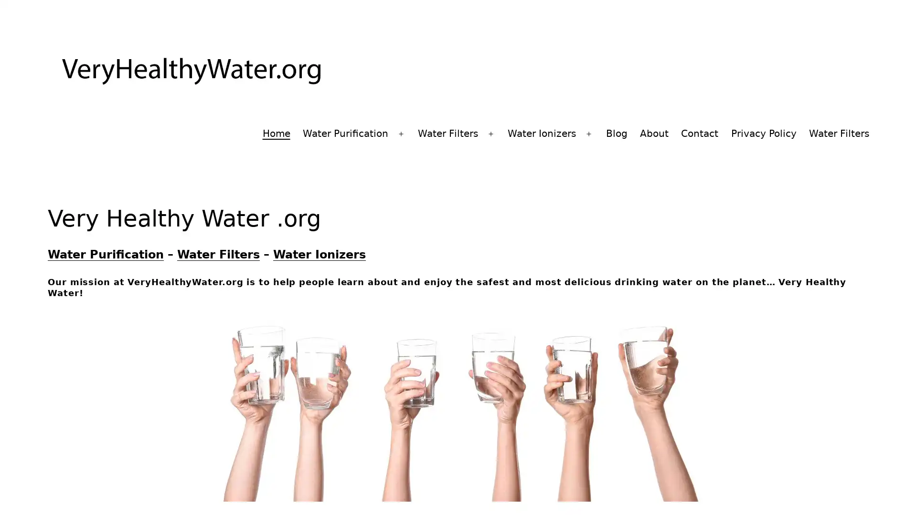 The width and height of the screenshot is (917, 515). Describe the element at coordinates (490, 134) in the screenshot. I see `Open menu` at that location.